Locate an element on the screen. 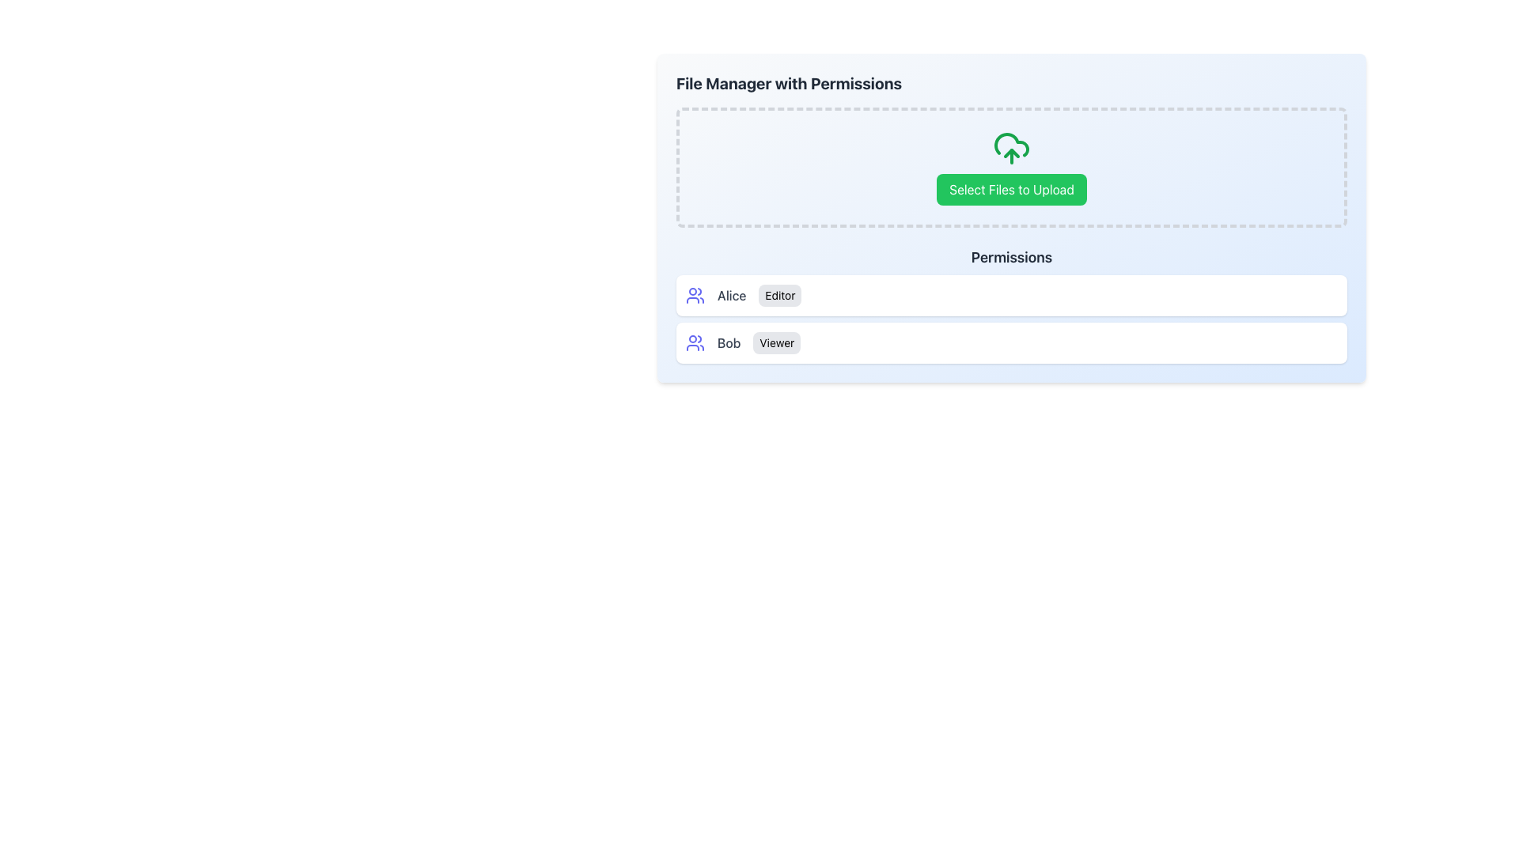 The width and height of the screenshot is (1519, 854). the green upload icon depicting a cloud with an upward arrow, which is located above the 'Select Files to Upload' button in the dashed-bordered file upload area is located at coordinates (1010, 149).